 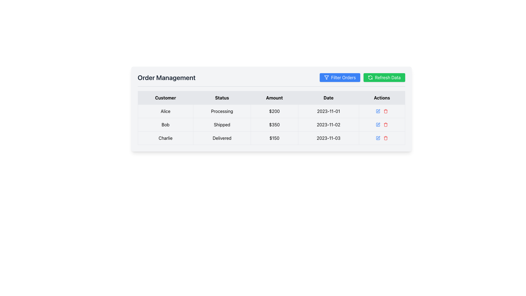 What do you see at coordinates (378, 124) in the screenshot?
I see `the pen icon in the Actions column for the user 'Bob'` at bounding box center [378, 124].